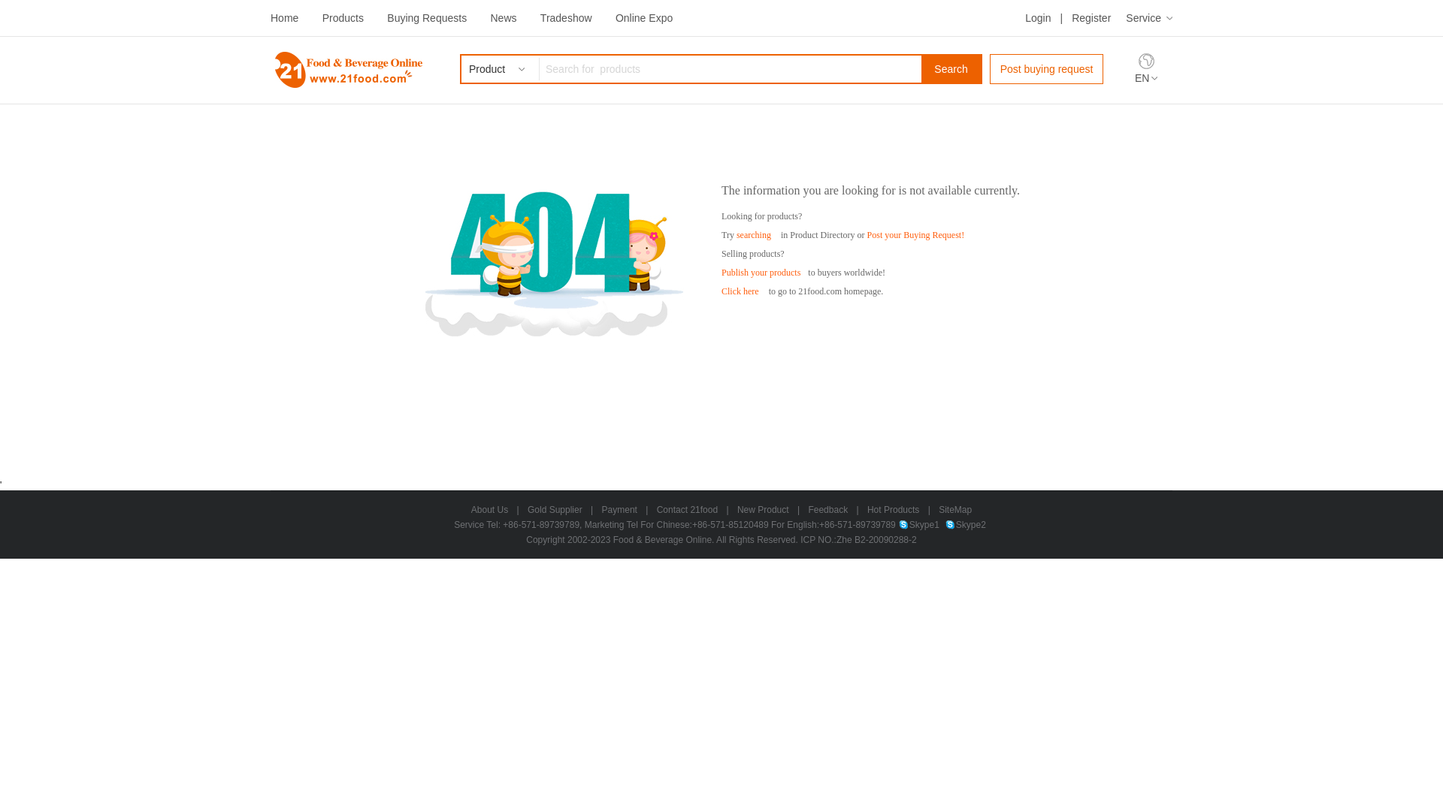 This screenshot has height=811, width=1443. I want to click on 'Service', so click(1148, 17).